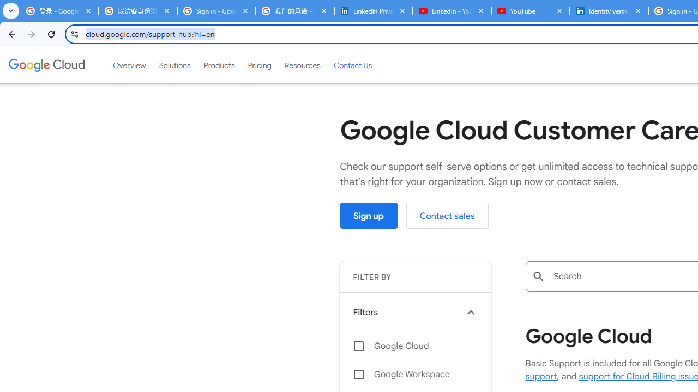 The image size is (698, 392). I want to click on 'Google Workspace', so click(414, 373).